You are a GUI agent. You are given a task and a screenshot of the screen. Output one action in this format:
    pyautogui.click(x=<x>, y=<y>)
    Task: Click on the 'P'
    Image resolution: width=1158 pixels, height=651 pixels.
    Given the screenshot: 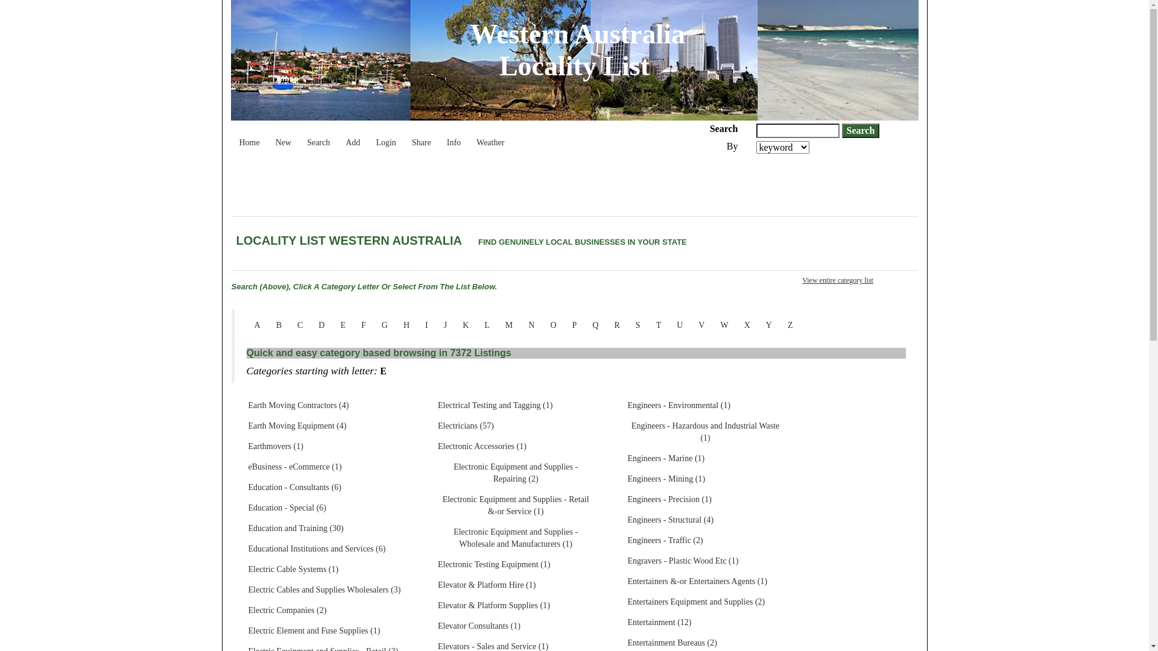 What is the action you would take?
    pyautogui.click(x=564, y=325)
    